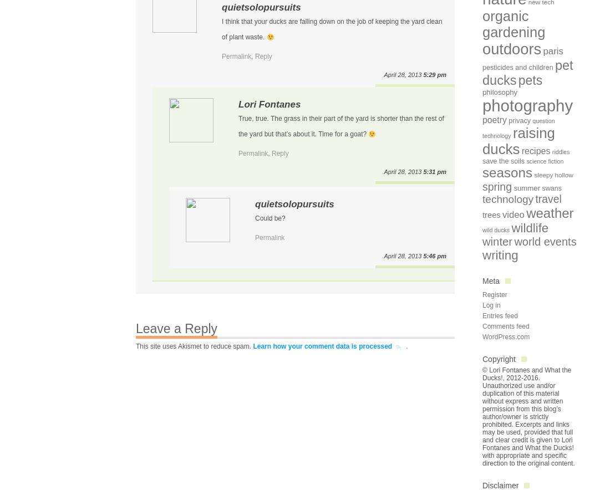  What do you see at coordinates (526, 161) in the screenshot?
I see `'science fiction'` at bounding box center [526, 161].